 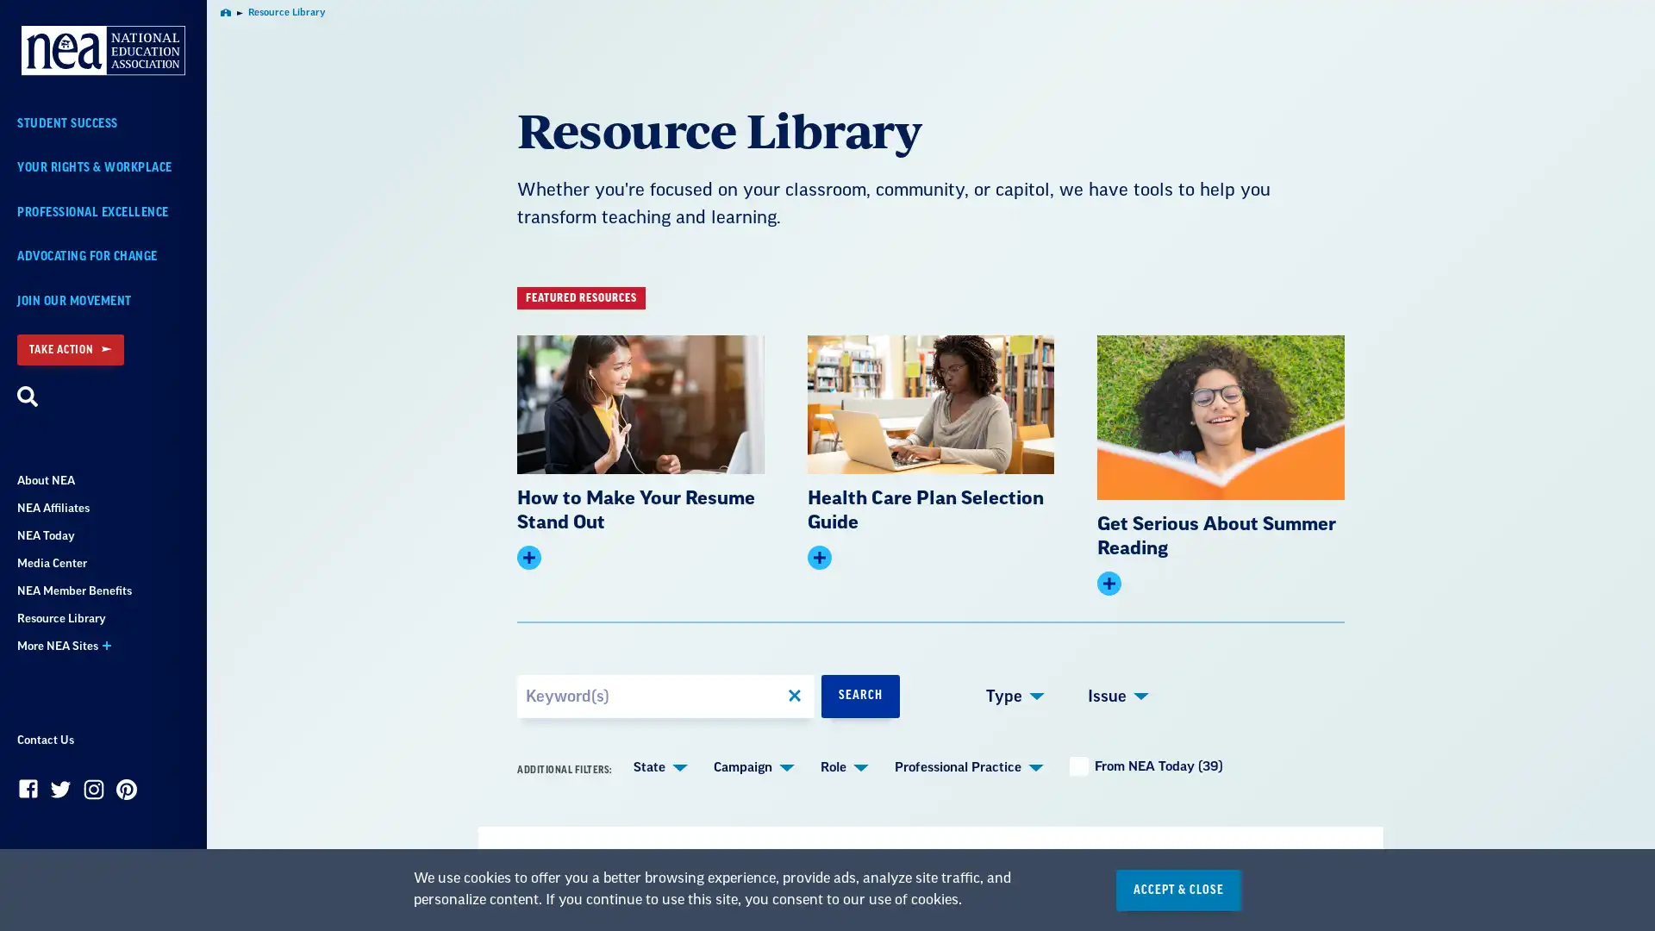 I want to click on More NEA Sites, so click(x=103, y=646).